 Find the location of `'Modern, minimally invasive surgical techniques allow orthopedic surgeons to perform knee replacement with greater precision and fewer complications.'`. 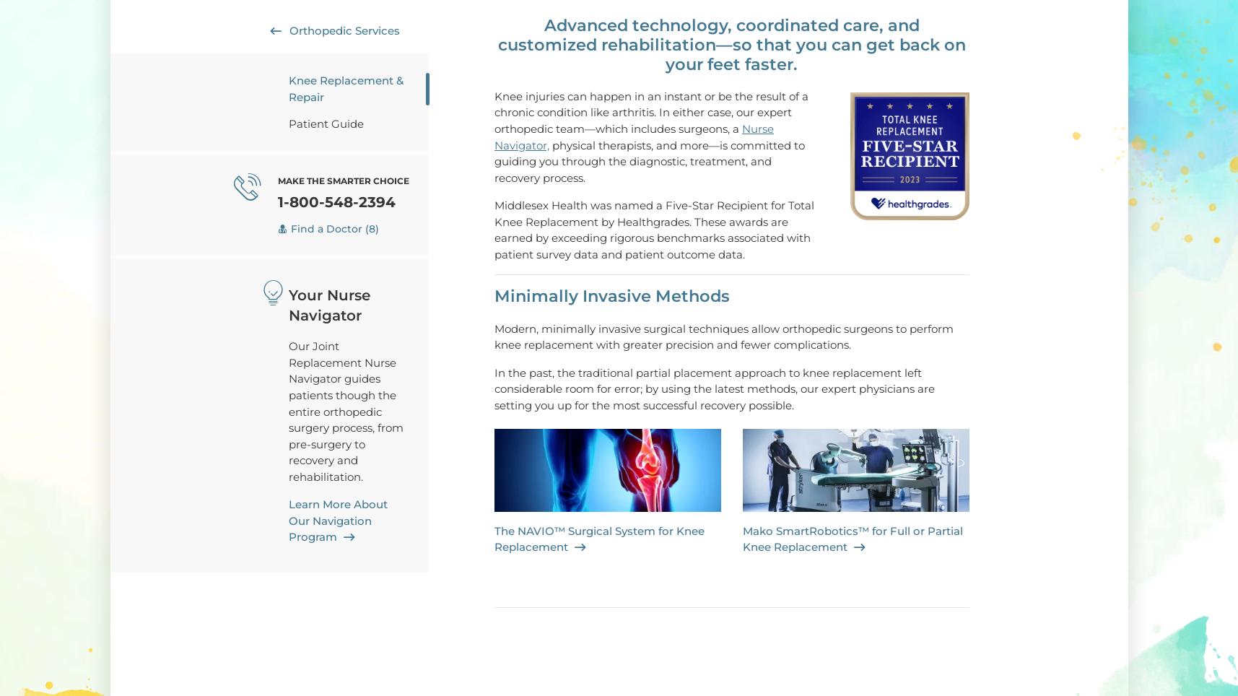

'Modern, minimally invasive surgical techniques allow orthopedic surgeons to perform knee replacement with greater precision and fewer complications.' is located at coordinates (723, 336).